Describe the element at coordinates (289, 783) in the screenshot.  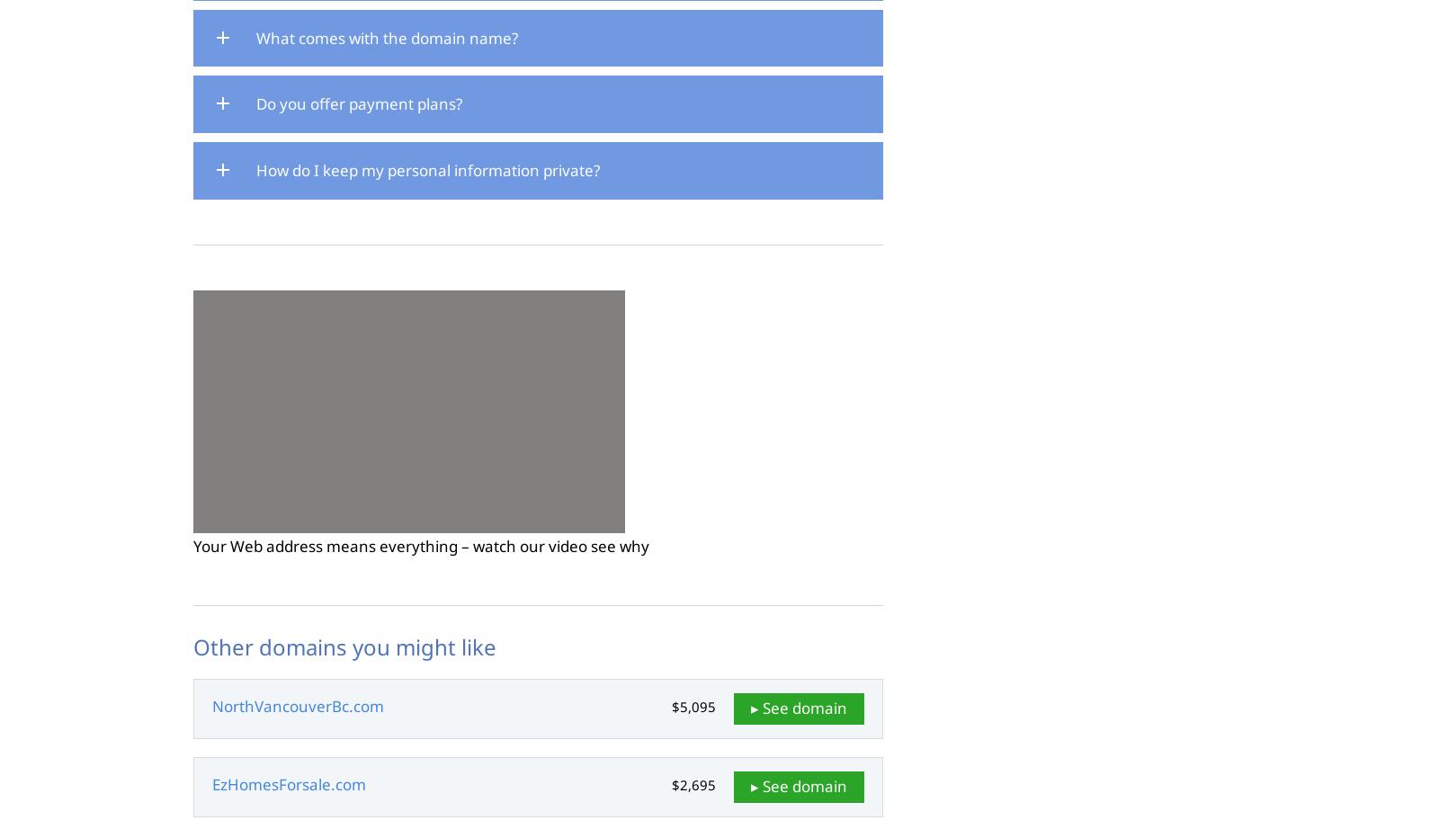
I see `'EzHomesForsale.com'` at that location.